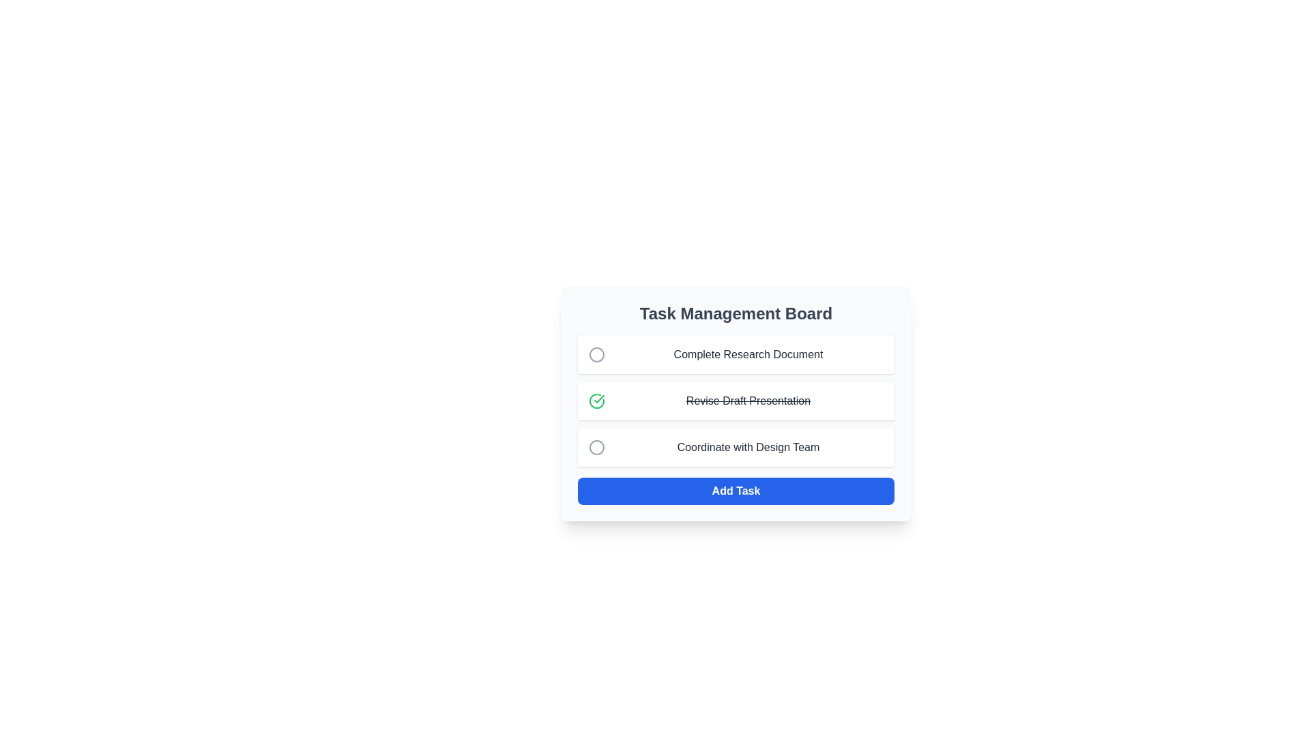  Describe the element at coordinates (736, 491) in the screenshot. I see `'Add Task' button to add a new task` at that location.